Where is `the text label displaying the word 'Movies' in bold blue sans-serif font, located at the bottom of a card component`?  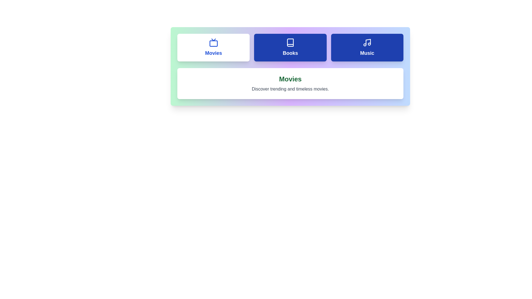
the text label displaying the word 'Movies' in bold blue sans-serif font, located at the bottom of a card component is located at coordinates (213, 53).